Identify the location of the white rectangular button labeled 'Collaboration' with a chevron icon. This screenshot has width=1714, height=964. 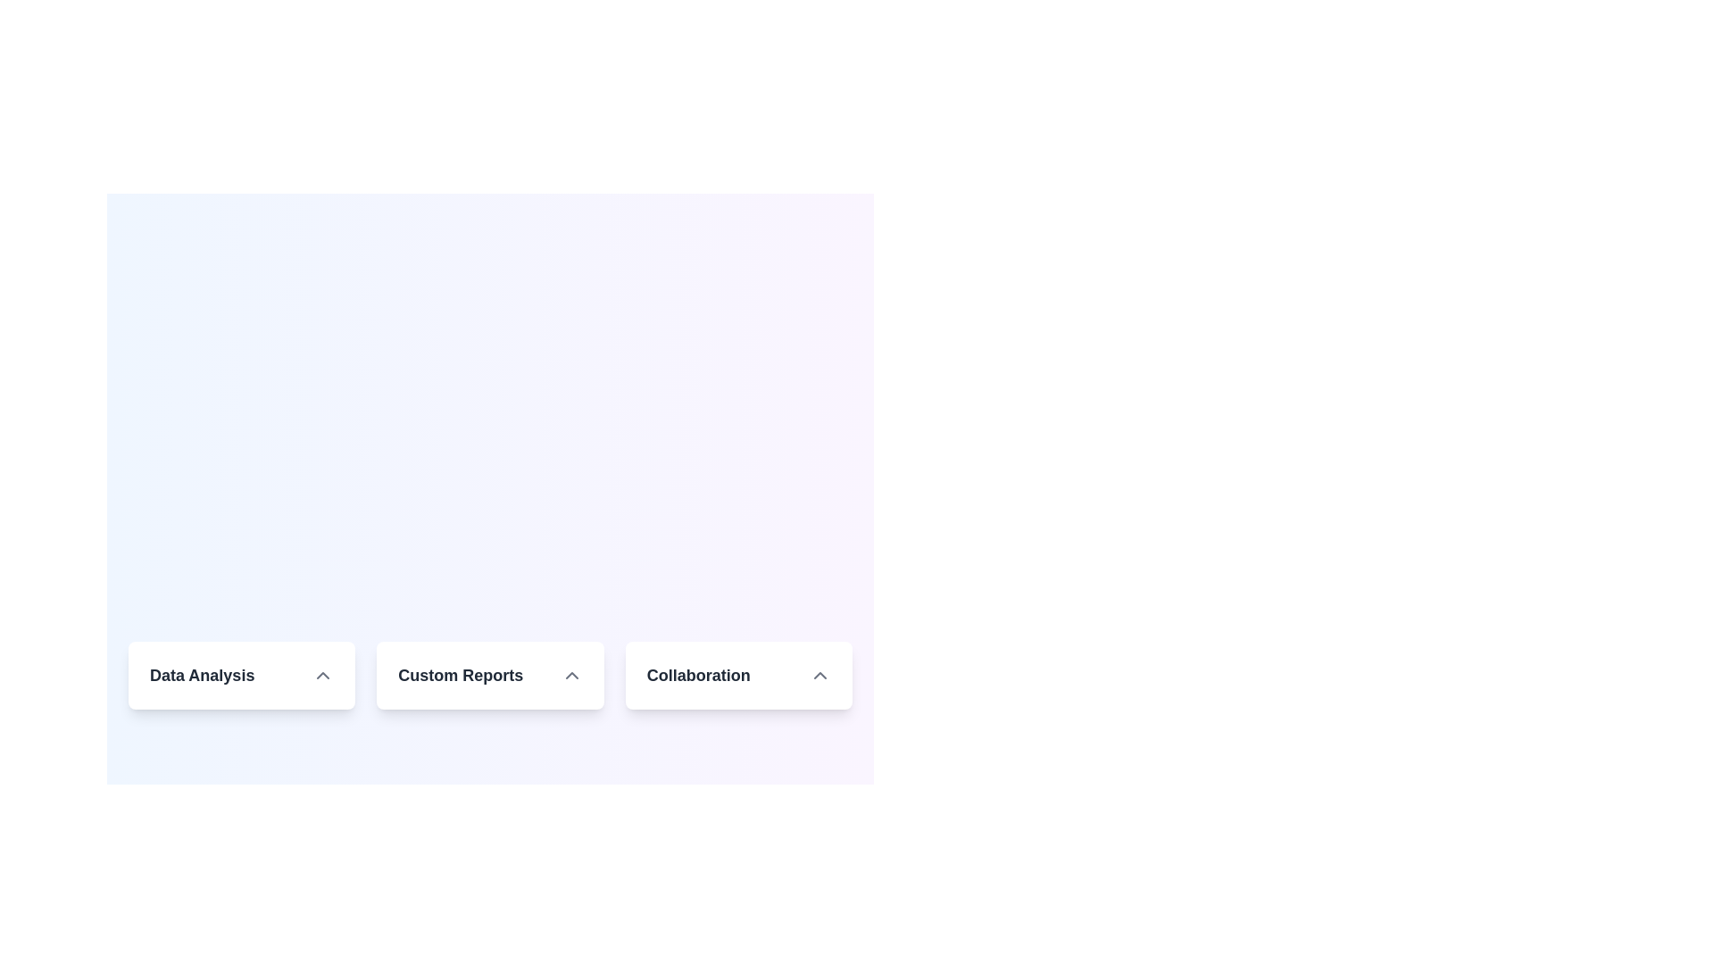
(738, 675).